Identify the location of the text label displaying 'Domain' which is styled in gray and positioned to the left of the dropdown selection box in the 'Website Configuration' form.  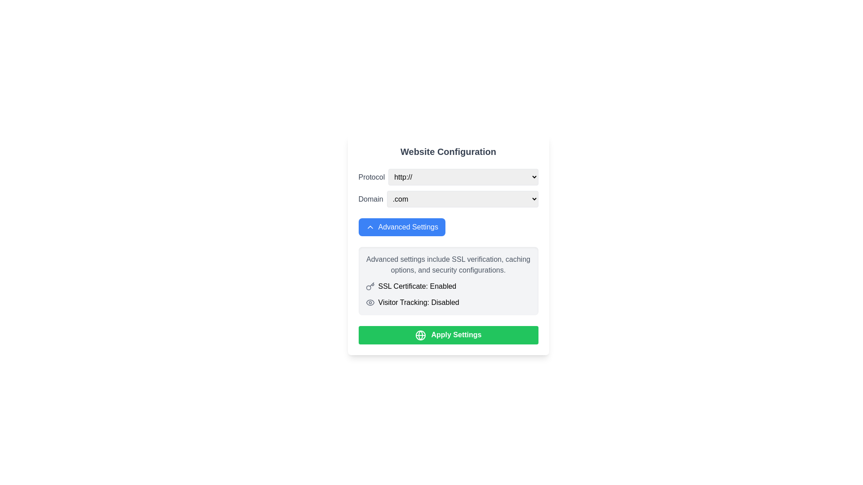
(371, 198).